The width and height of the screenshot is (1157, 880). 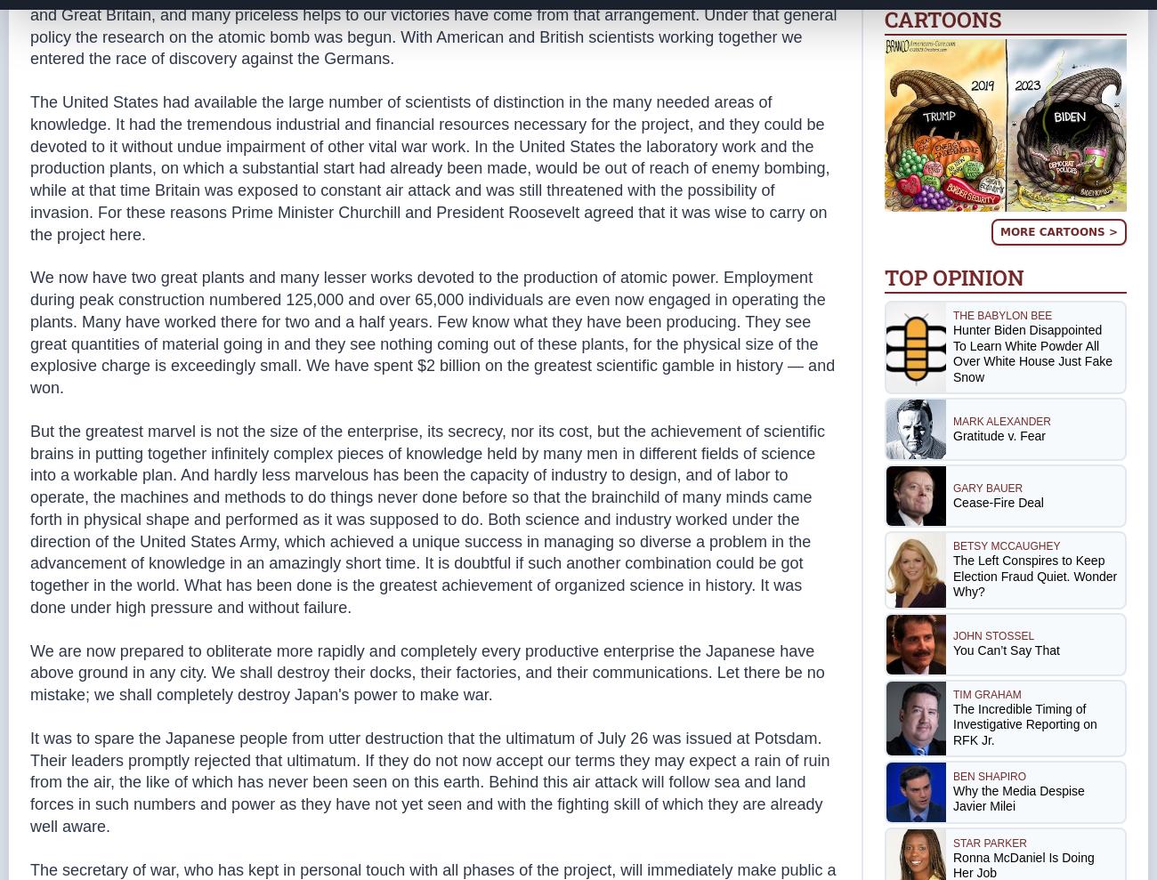 I want to click on 'It was to spare the Japanese people from utter destruction that the ultimatum of July 26 was issued at Potsdam. Their leaders promptly rejected that ultimatum. If they do not now accept our terms they may expect a rain of ruin from the air, the like of which has never been seen on this earth. Behind this air attack will follow sea and land forces in such numbers and power as they have not yet seen and with the fighting skill of which they are already well aware.', so click(x=428, y=781).